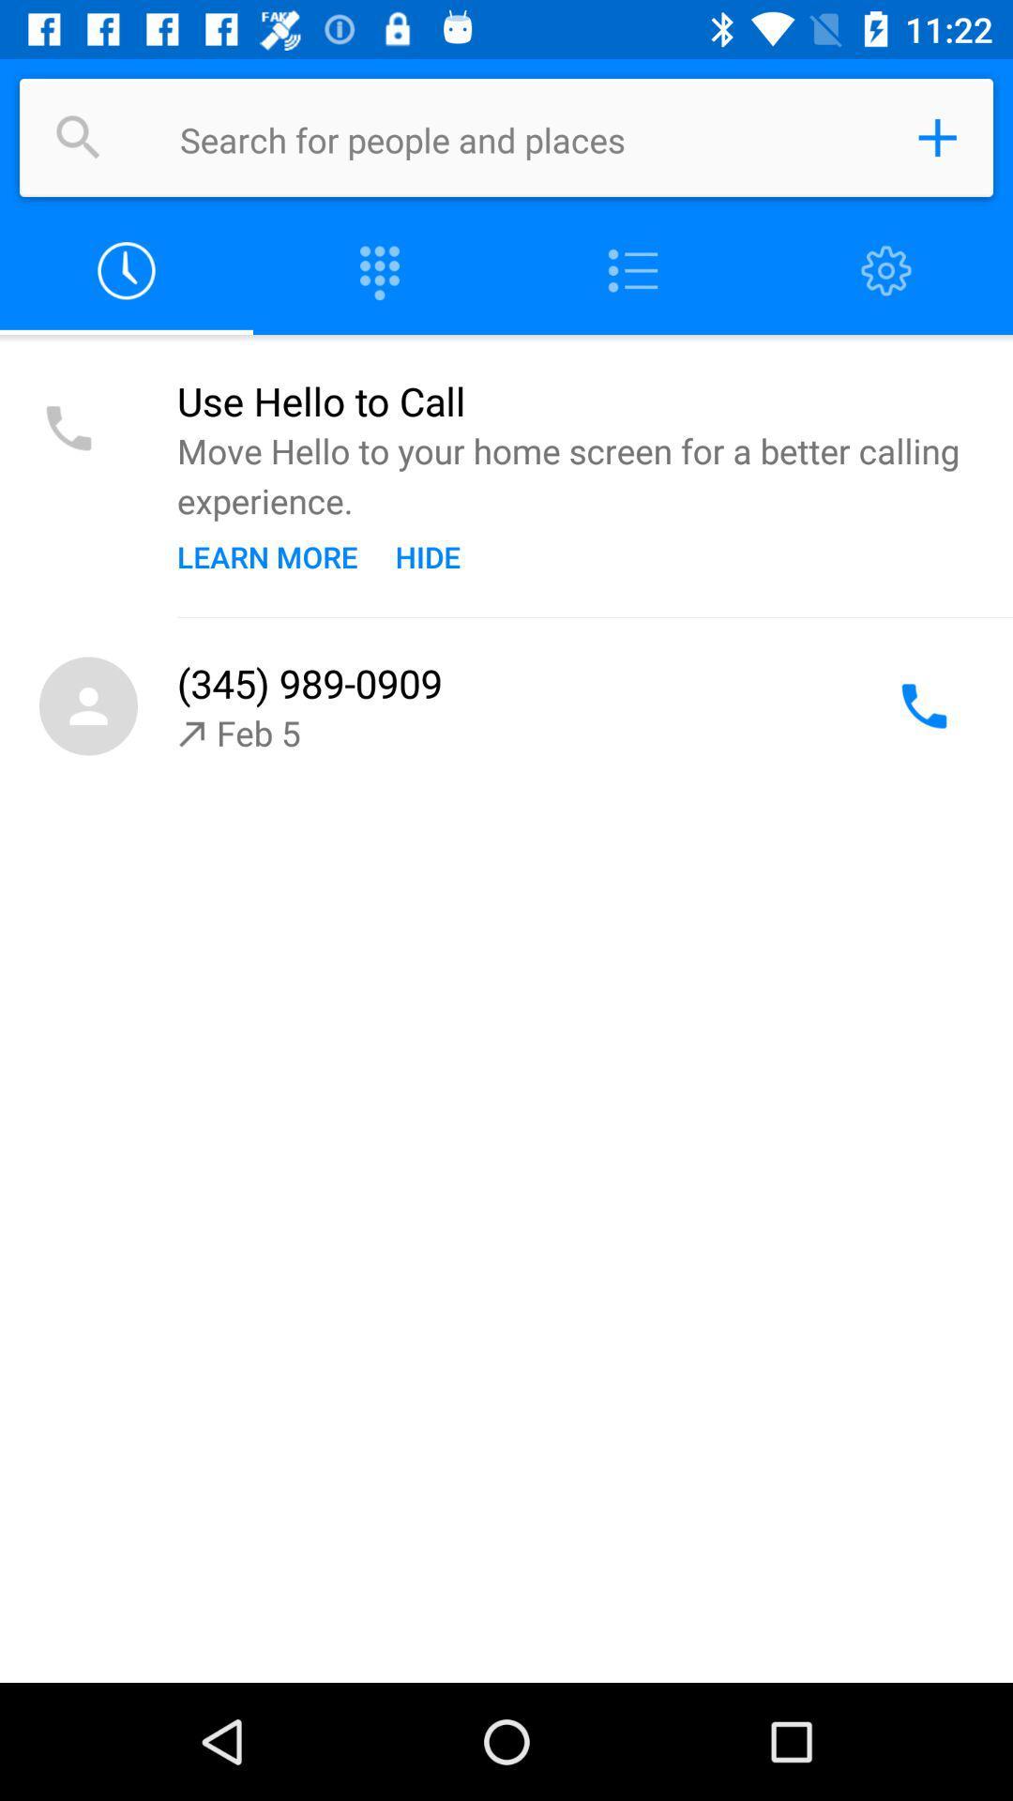 Image resolution: width=1013 pixels, height=1801 pixels. Describe the element at coordinates (633, 270) in the screenshot. I see `the list icon` at that location.